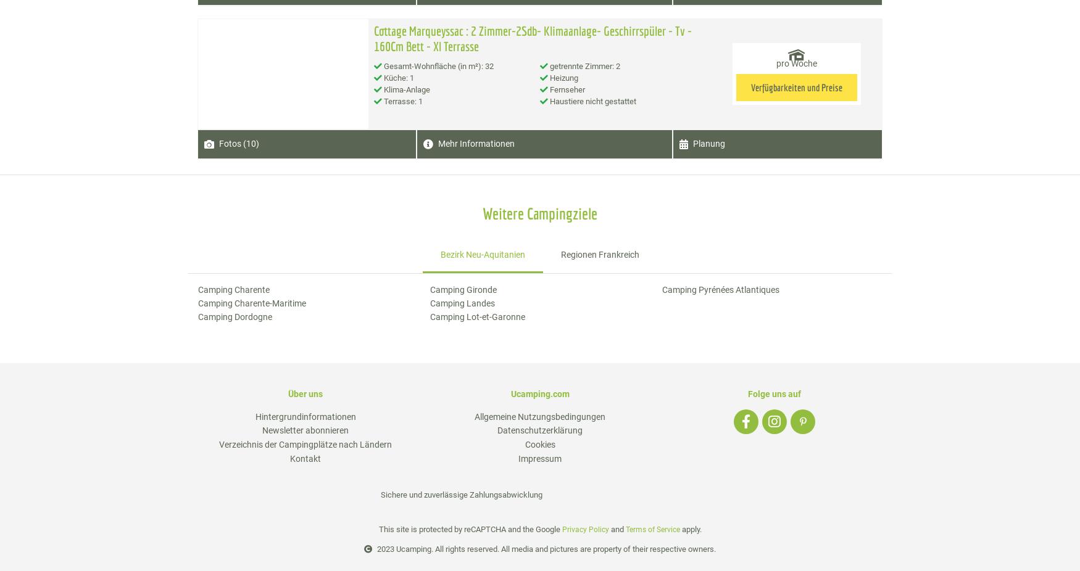  I want to click on 'Kontakt', so click(305, 458).